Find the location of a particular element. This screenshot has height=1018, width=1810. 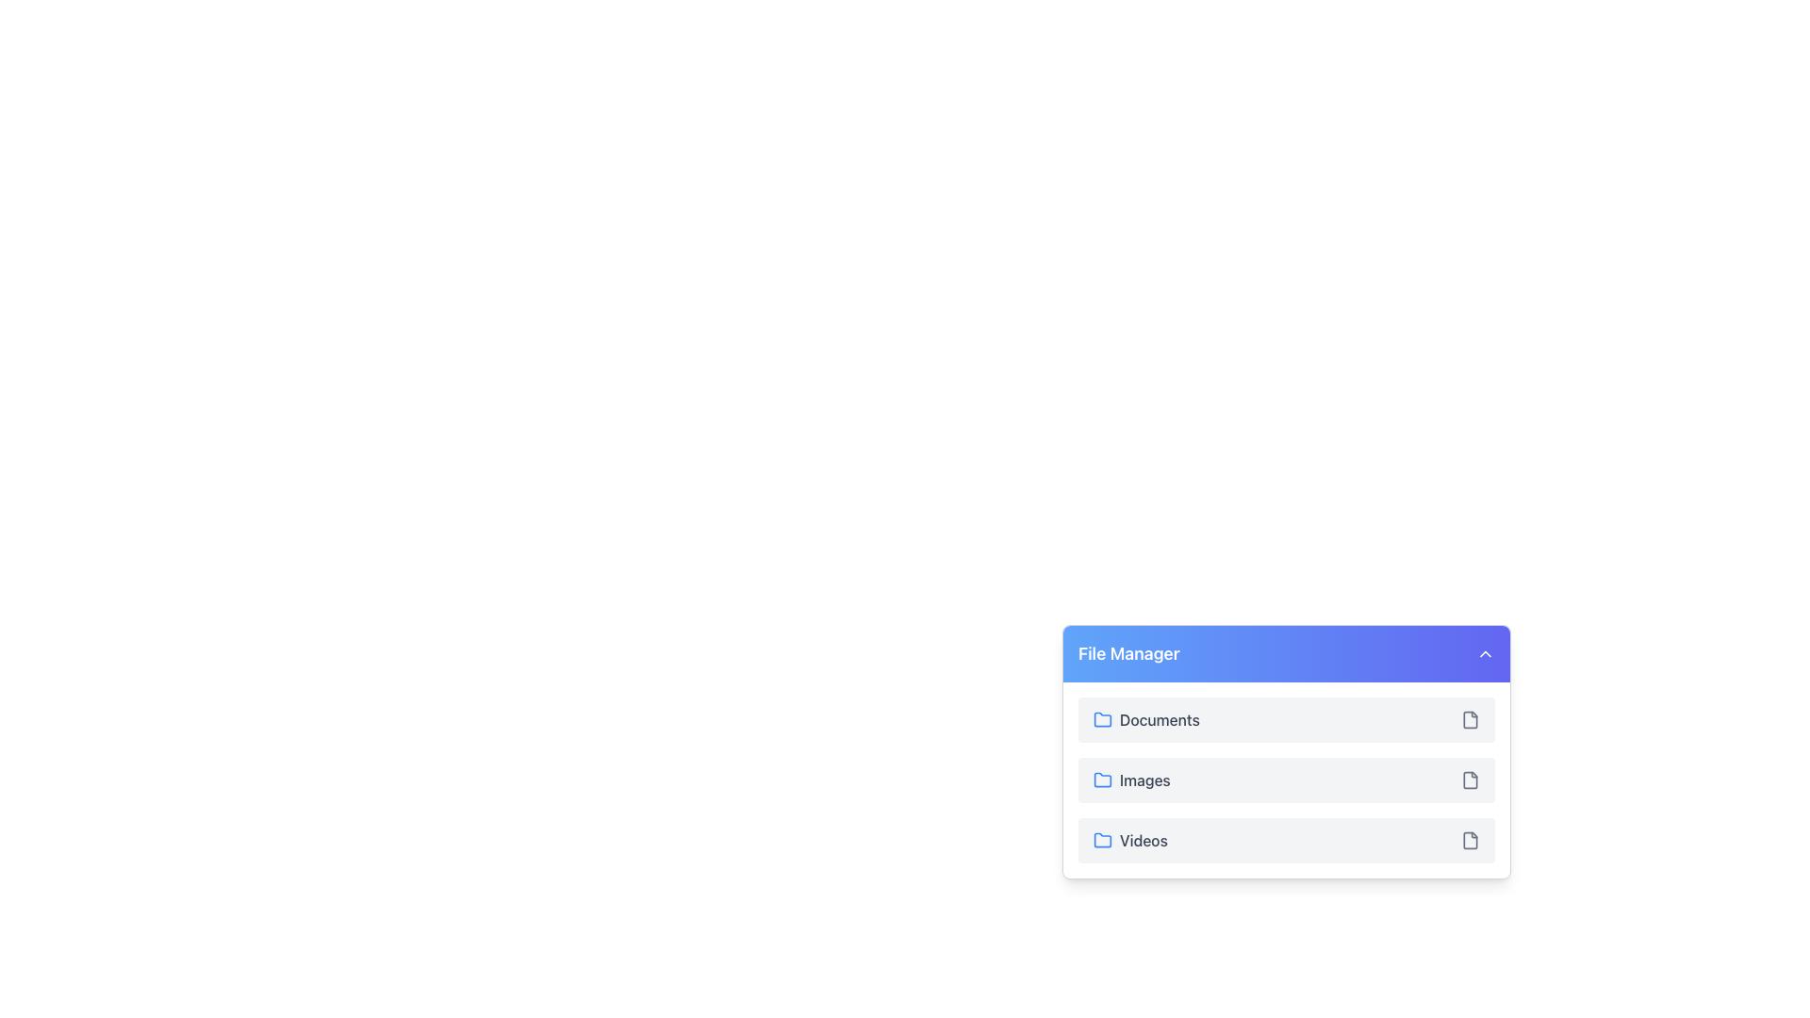

the text label displaying 'Videos' in the 'File Manager' section, which is styled with a medium-weight font and accompanied by a blue folder icon is located at coordinates (1130, 839).